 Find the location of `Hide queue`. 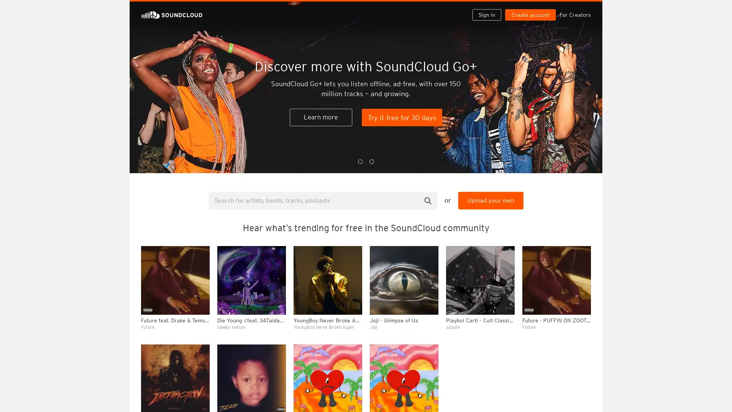

Hide queue is located at coordinates (586, 208).